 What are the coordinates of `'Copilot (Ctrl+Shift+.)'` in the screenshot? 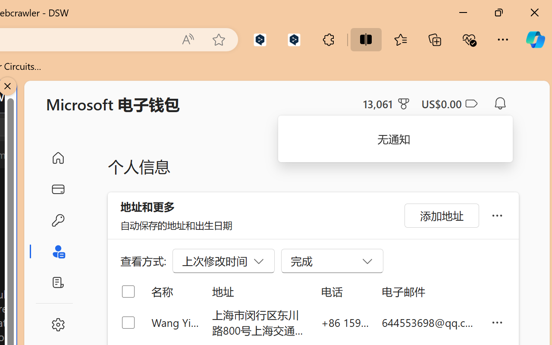 It's located at (535, 39).